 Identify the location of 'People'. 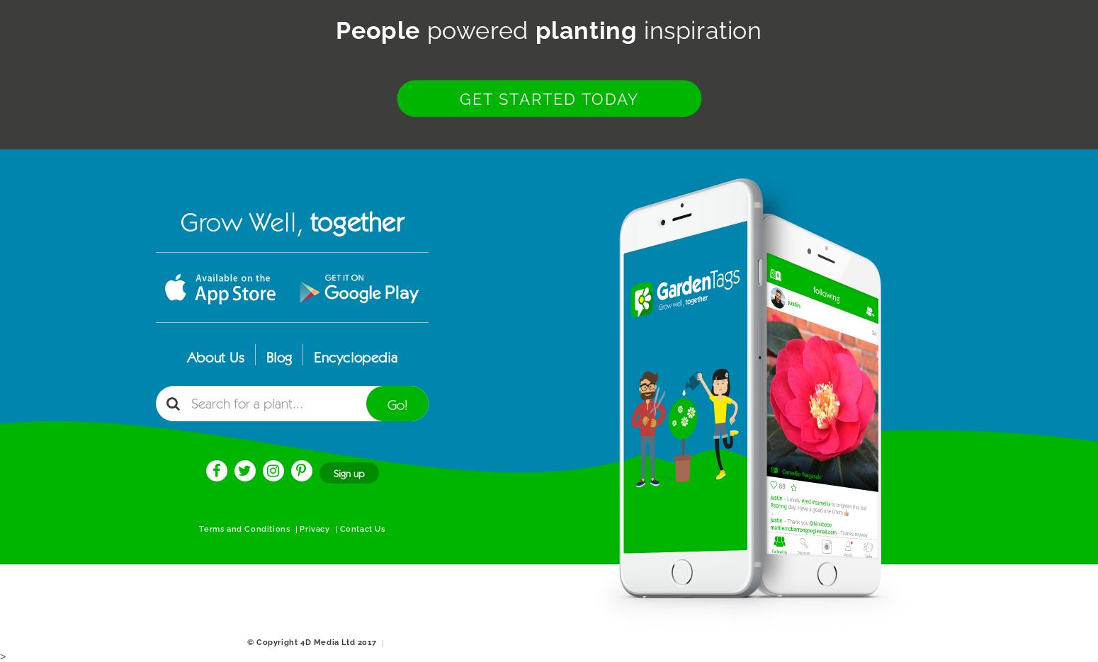
(377, 30).